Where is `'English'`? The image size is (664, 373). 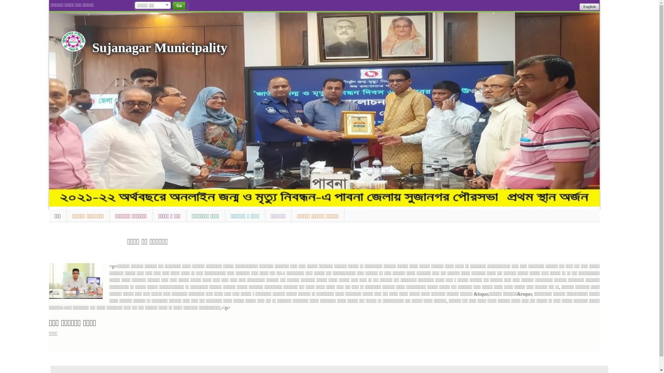 'English' is located at coordinates (579, 7).